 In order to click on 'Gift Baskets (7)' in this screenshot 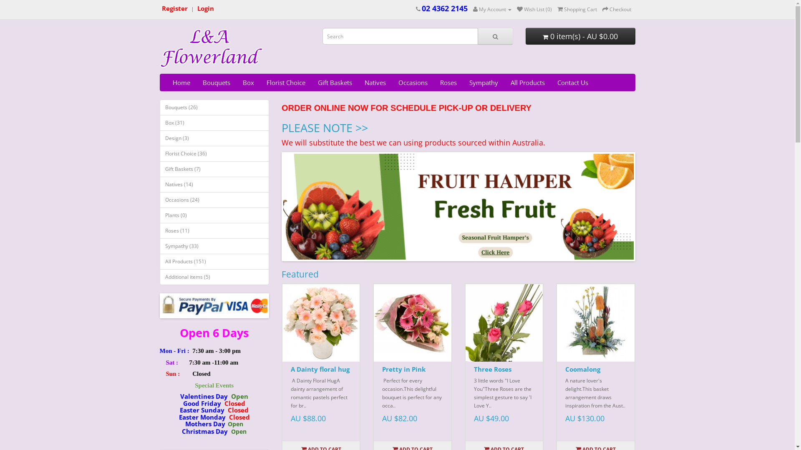, I will do `click(214, 169)`.